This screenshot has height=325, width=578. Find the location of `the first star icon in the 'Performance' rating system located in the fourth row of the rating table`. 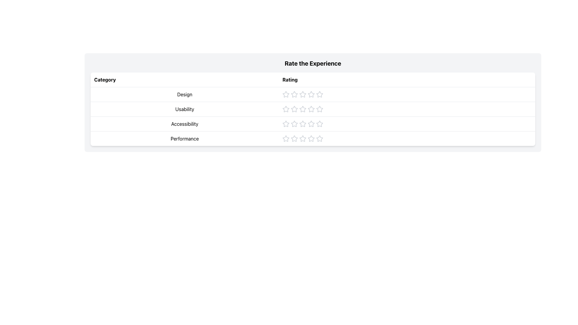

the first star icon in the 'Performance' rating system located in the fourth row of the rating table is located at coordinates (286, 139).